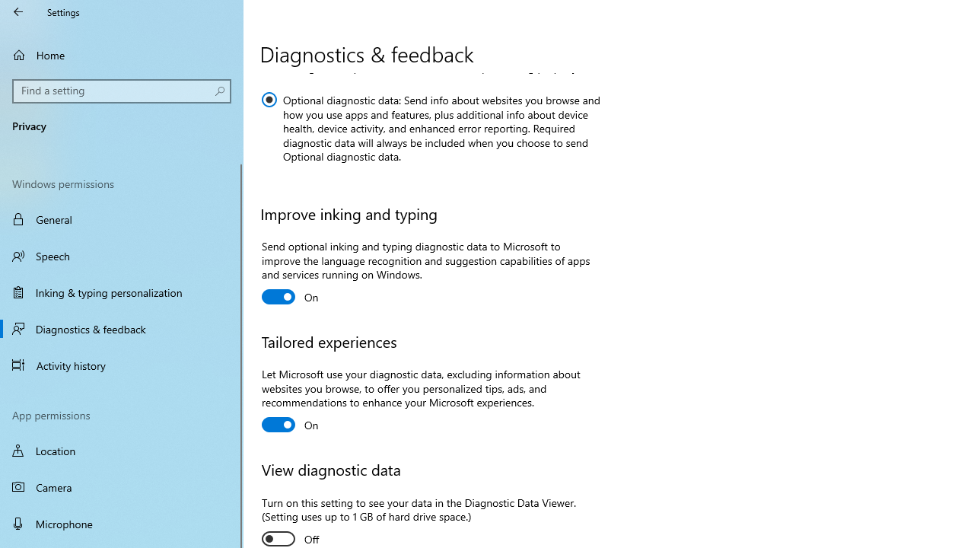 This screenshot has width=974, height=548. I want to click on 'Microphone', so click(122, 522).